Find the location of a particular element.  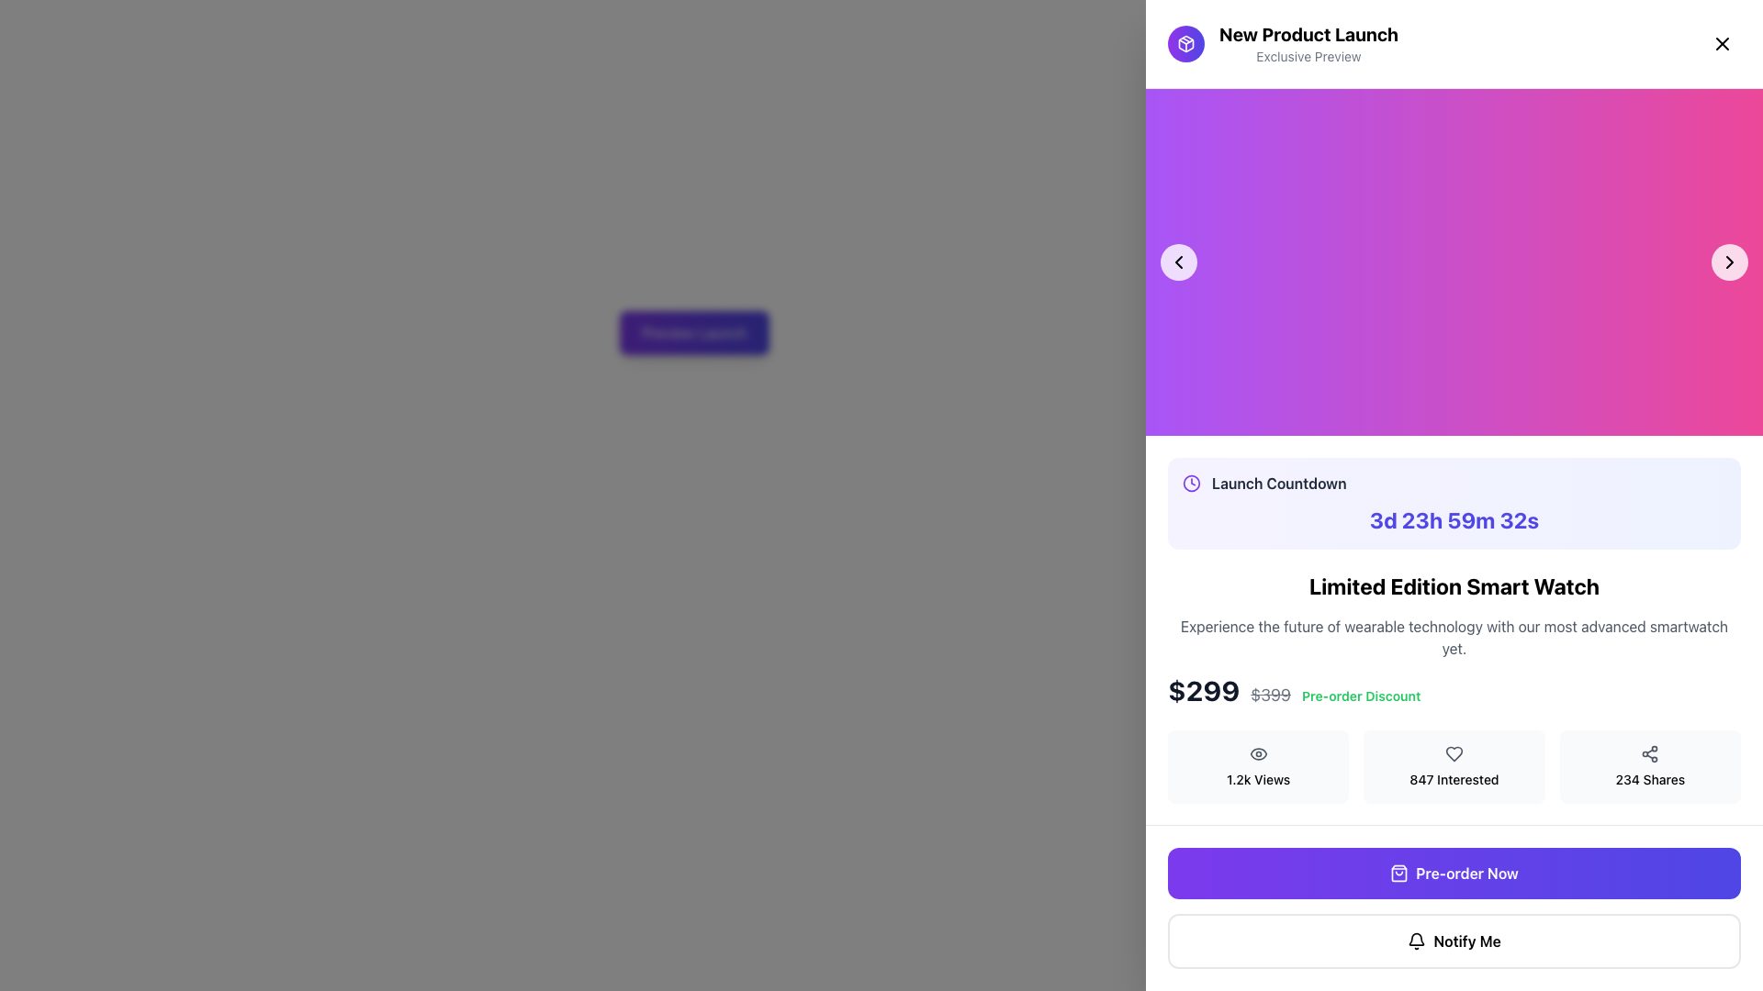

text 'New Product Launch' from the Title section located at the top-right corner of the page, featuring a small purple circular icon with a package symbol is located at coordinates (1282, 42).